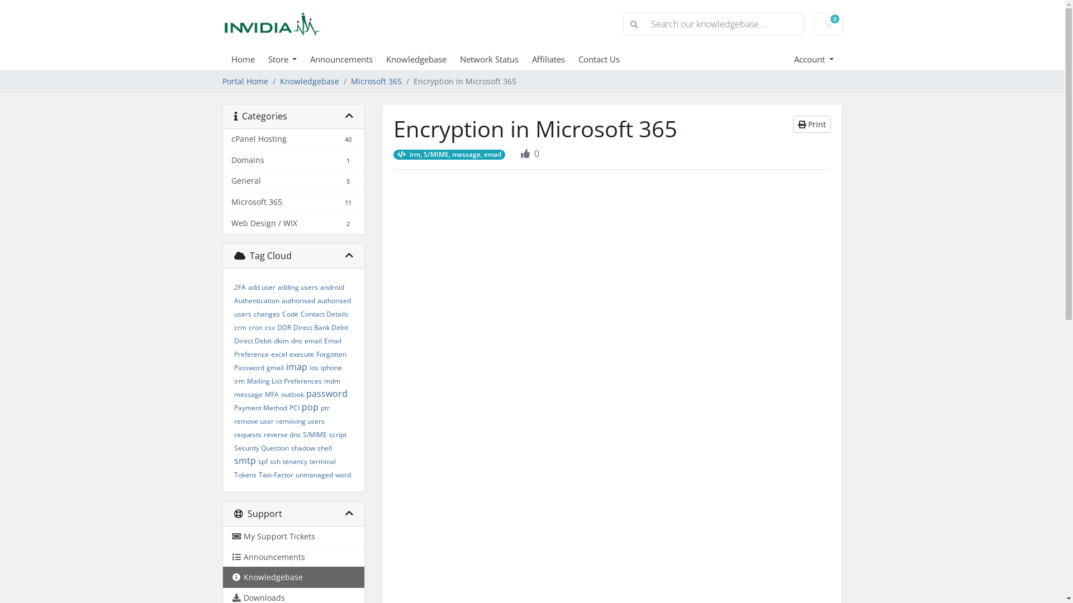 This screenshot has height=603, width=1073. Describe the element at coordinates (255, 300) in the screenshot. I see `'Authentication'` at that location.